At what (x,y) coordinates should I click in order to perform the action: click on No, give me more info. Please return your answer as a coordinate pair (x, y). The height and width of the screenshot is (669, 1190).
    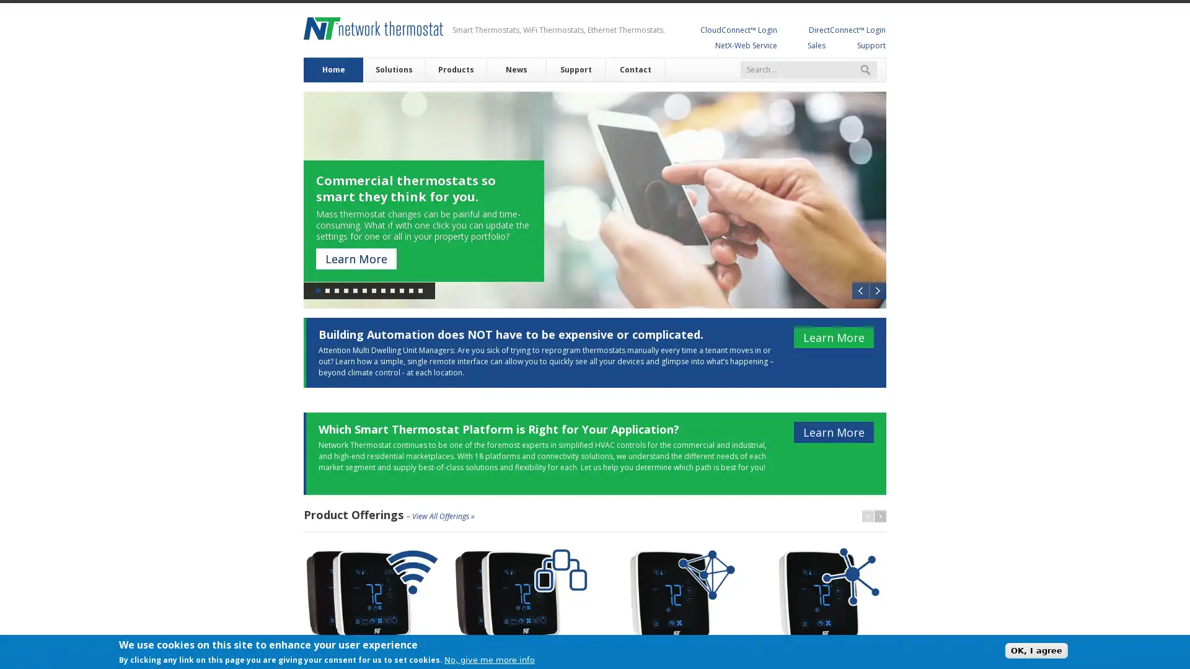
    Looking at the image, I should click on (489, 659).